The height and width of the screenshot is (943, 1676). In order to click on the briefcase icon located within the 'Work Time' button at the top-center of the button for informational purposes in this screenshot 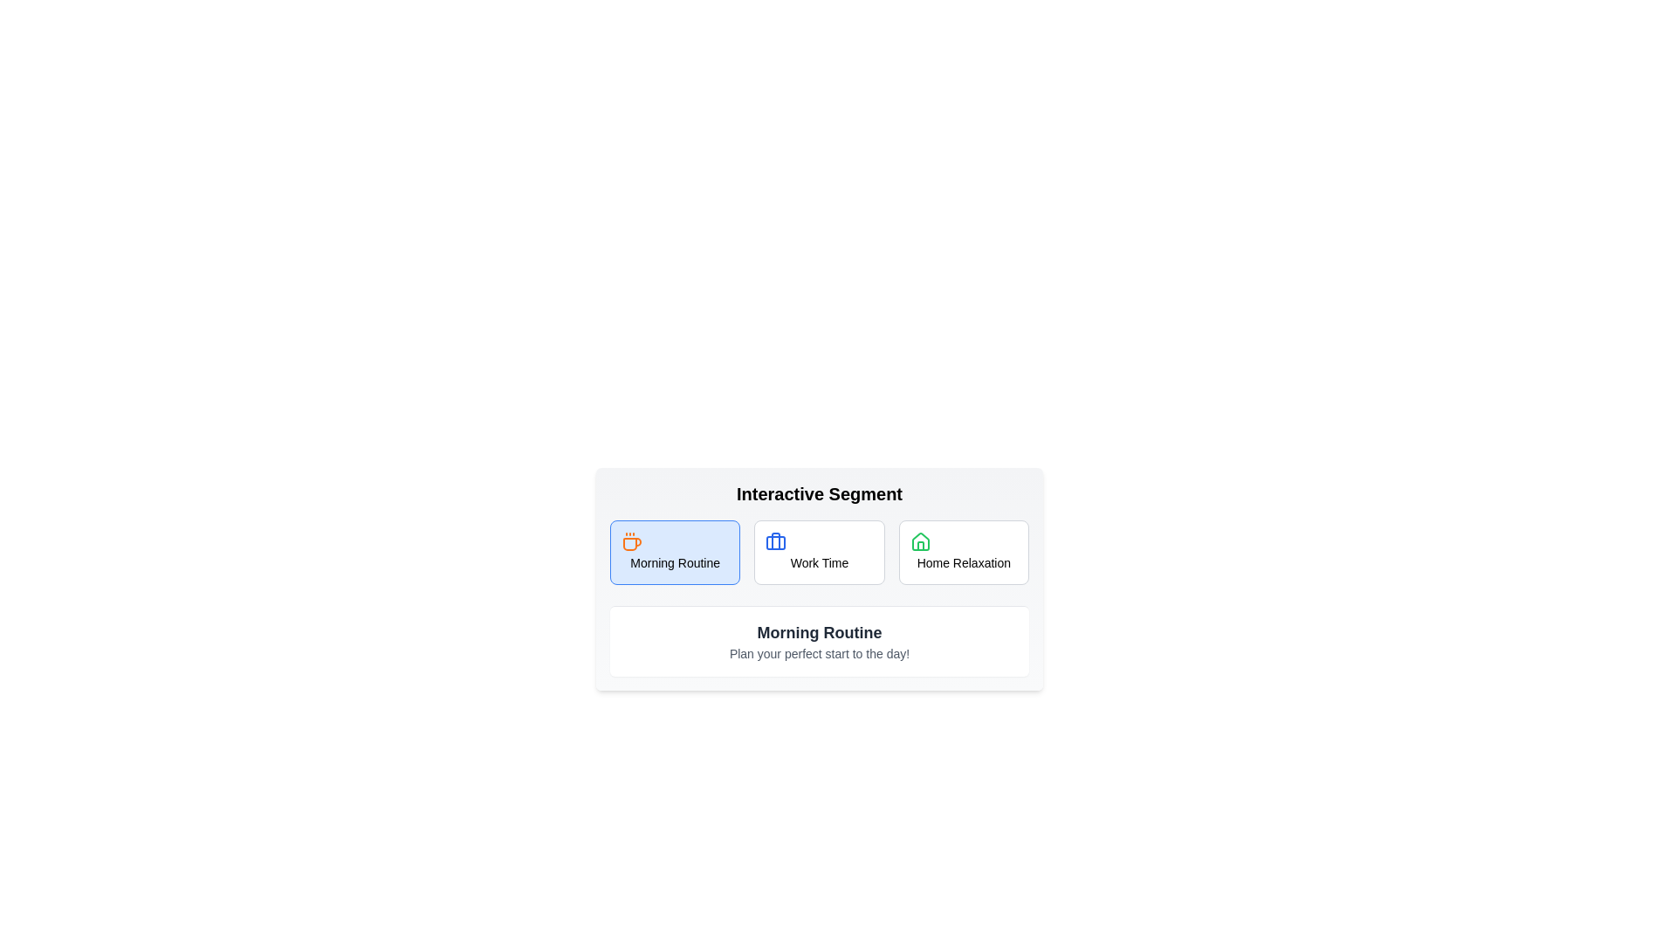, I will do `click(775, 541)`.